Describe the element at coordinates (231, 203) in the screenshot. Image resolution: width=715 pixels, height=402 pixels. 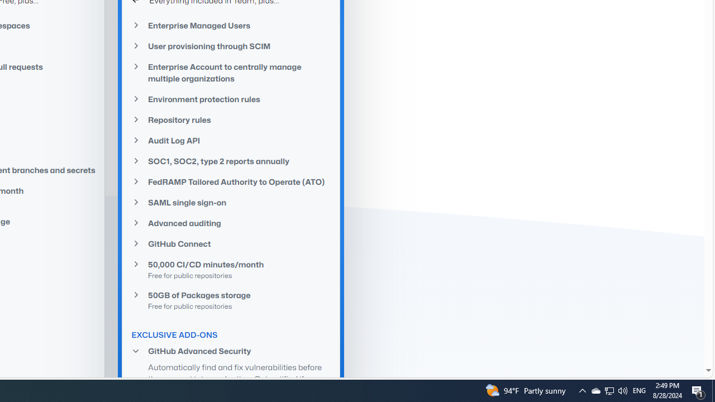
I see `'SAML single sign-on'` at that location.